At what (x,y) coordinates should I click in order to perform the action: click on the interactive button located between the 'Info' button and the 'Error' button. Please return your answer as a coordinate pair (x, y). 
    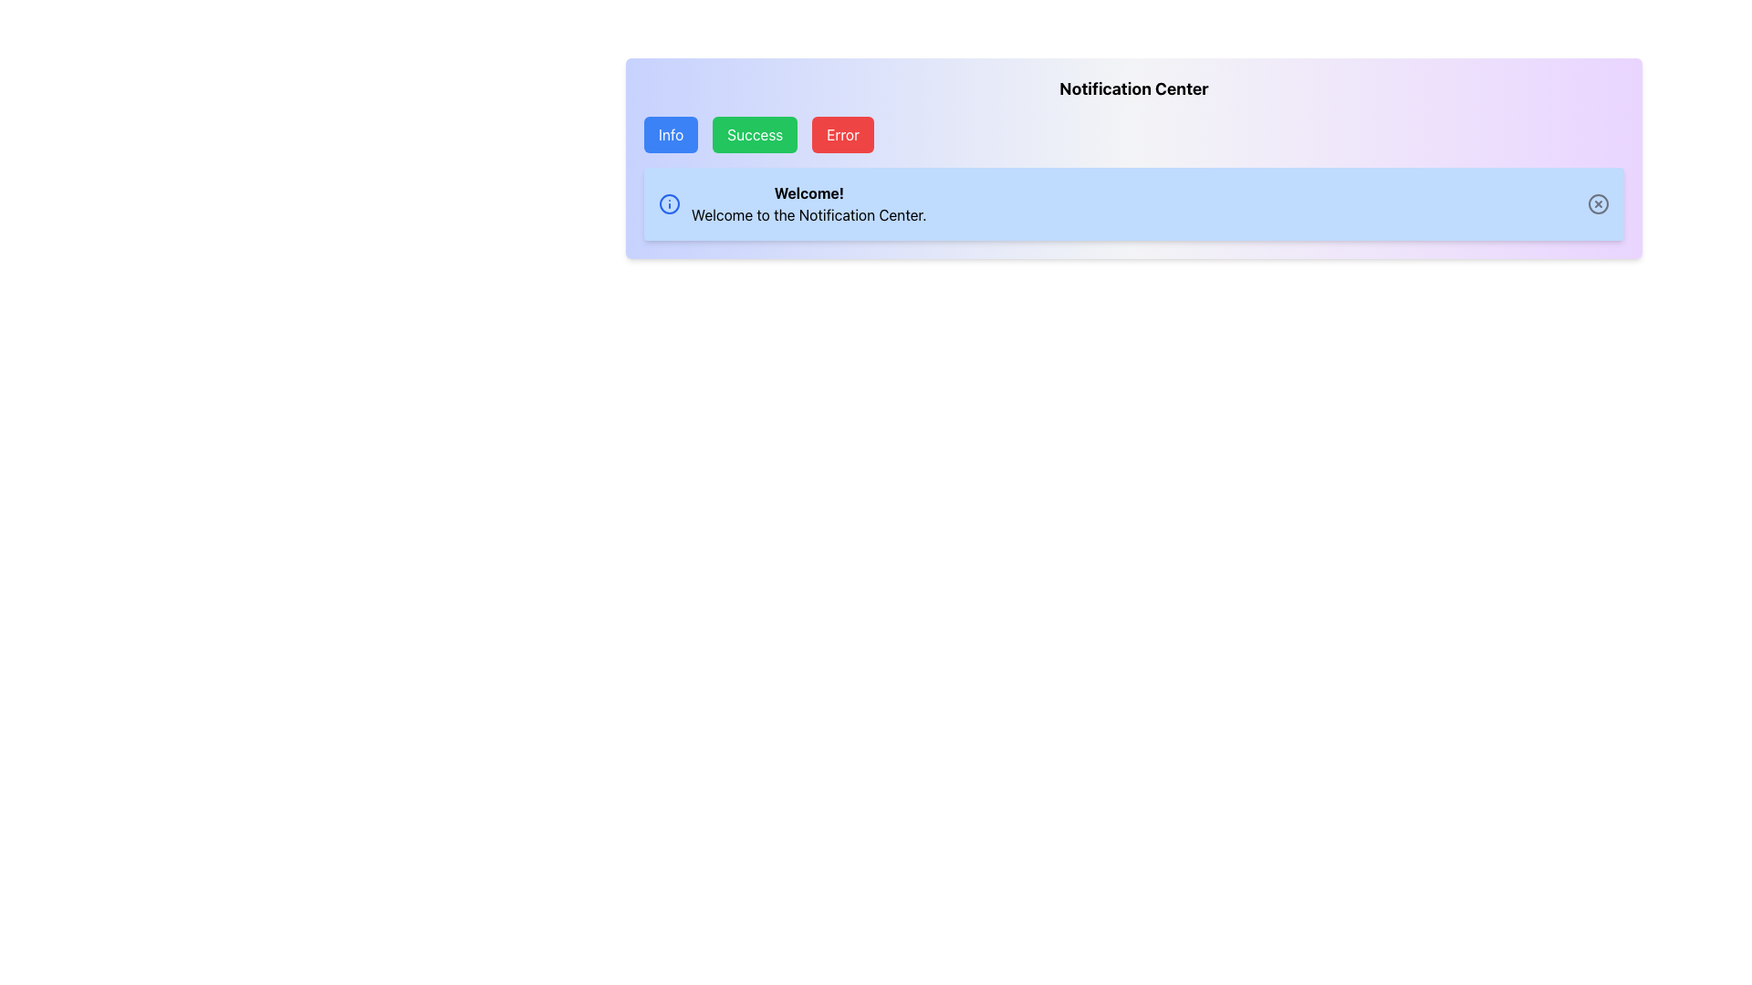
    Looking at the image, I should click on (755, 133).